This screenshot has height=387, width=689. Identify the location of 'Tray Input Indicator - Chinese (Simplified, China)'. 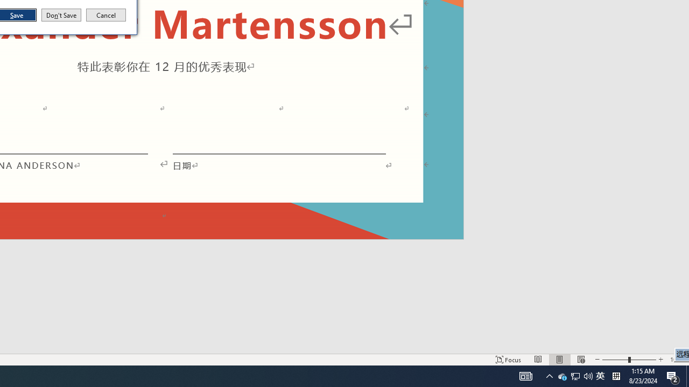
(616, 375).